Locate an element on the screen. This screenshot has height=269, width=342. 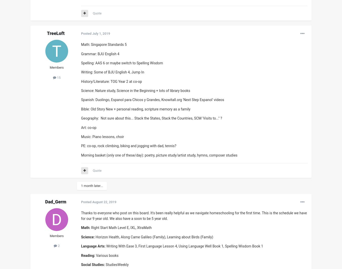
'1 month later...' is located at coordinates (92, 186).